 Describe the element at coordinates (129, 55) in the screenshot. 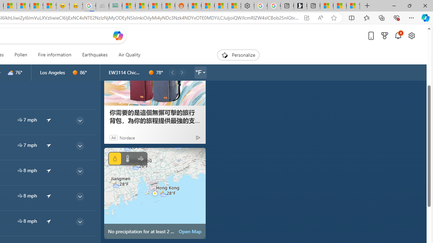

I see `'Air Quality'` at that location.